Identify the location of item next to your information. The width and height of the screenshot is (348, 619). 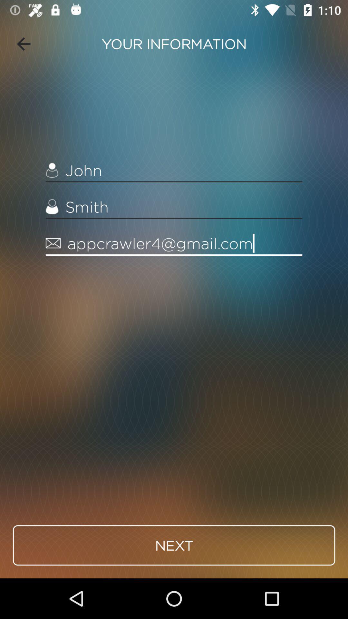
(23, 44).